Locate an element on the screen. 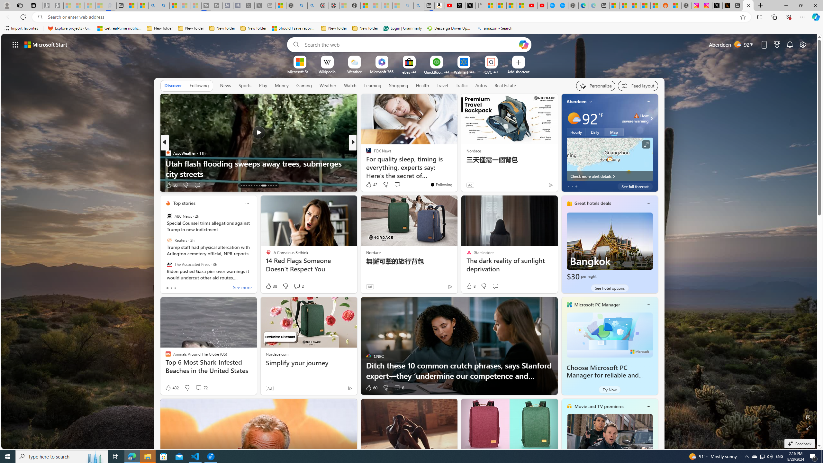  'See hotel options' is located at coordinates (609, 288).